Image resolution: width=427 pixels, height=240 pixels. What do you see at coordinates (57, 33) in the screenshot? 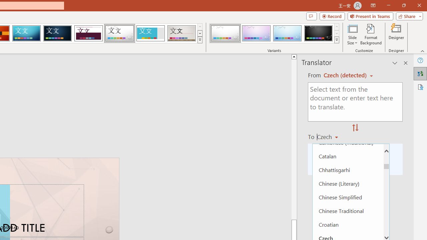
I see `'Damask'` at bounding box center [57, 33].